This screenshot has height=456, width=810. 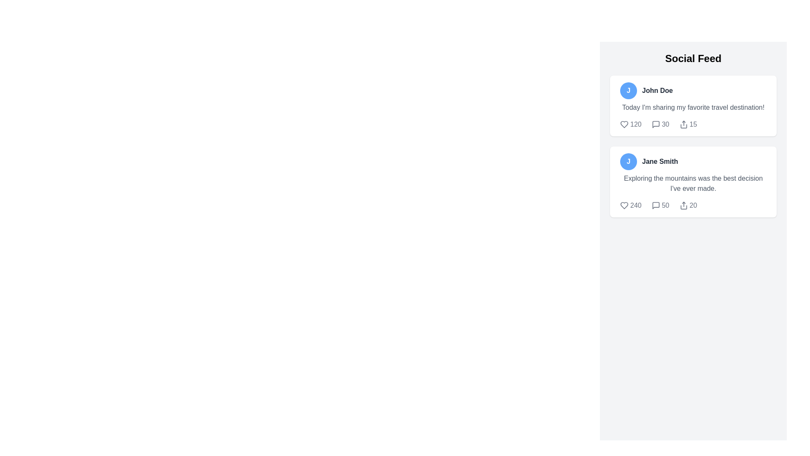 What do you see at coordinates (659, 161) in the screenshot?
I see `the text label displaying 'Jane Smith'` at bounding box center [659, 161].